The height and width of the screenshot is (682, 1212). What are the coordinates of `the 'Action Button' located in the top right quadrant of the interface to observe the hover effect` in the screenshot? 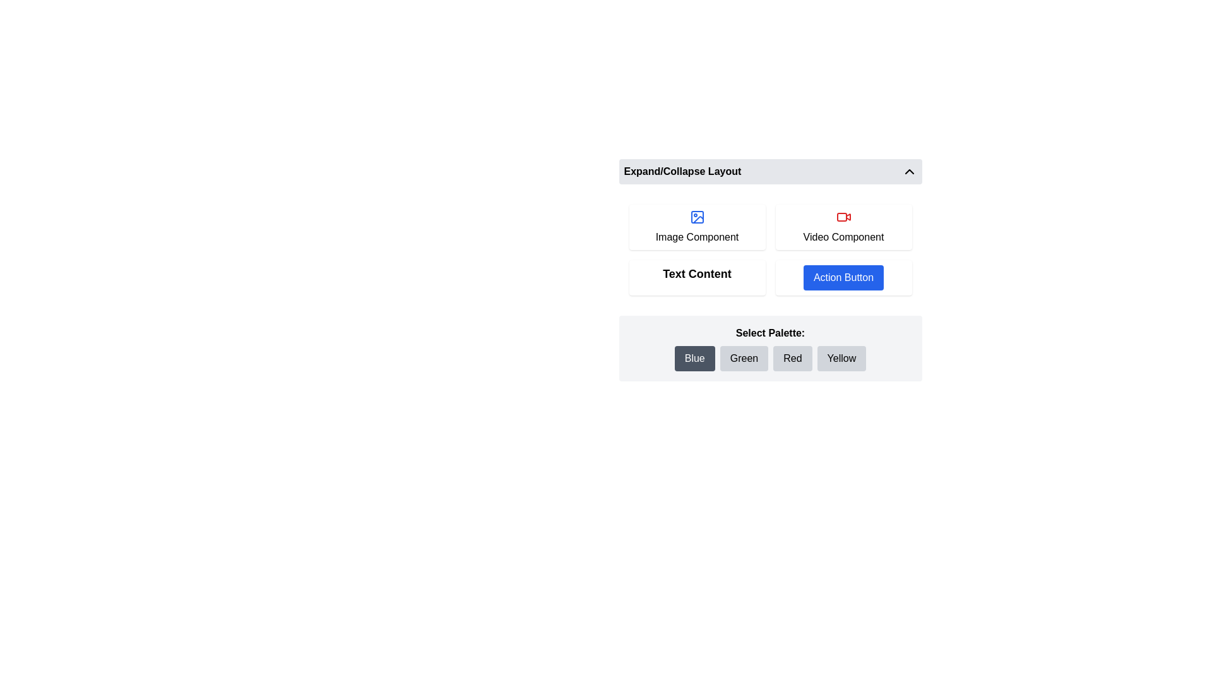 It's located at (843, 277).